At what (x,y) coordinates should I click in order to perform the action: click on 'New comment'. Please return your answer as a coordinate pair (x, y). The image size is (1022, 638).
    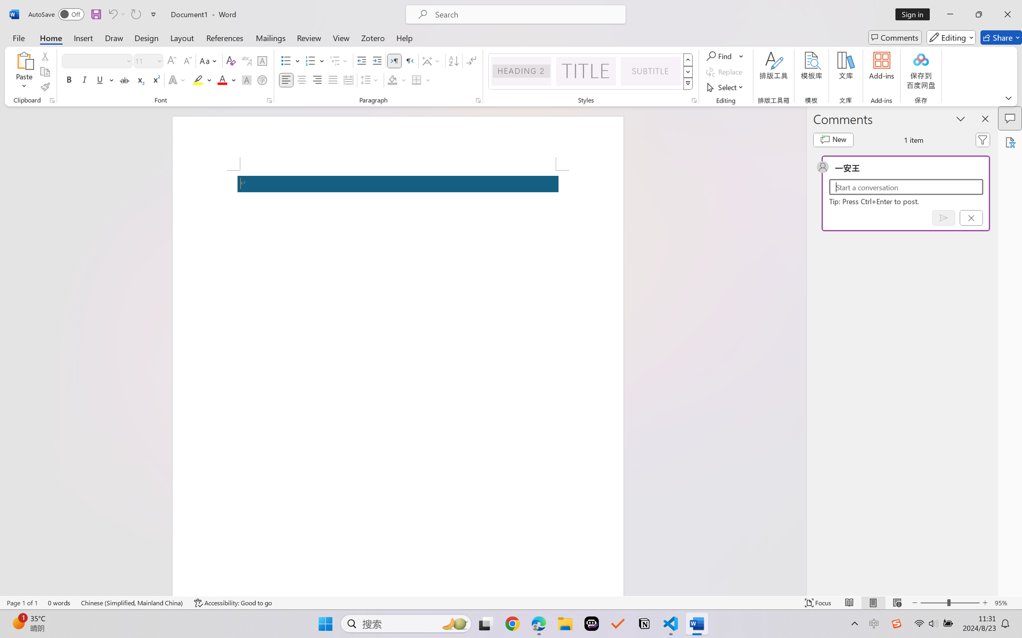
    Looking at the image, I should click on (833, 140).